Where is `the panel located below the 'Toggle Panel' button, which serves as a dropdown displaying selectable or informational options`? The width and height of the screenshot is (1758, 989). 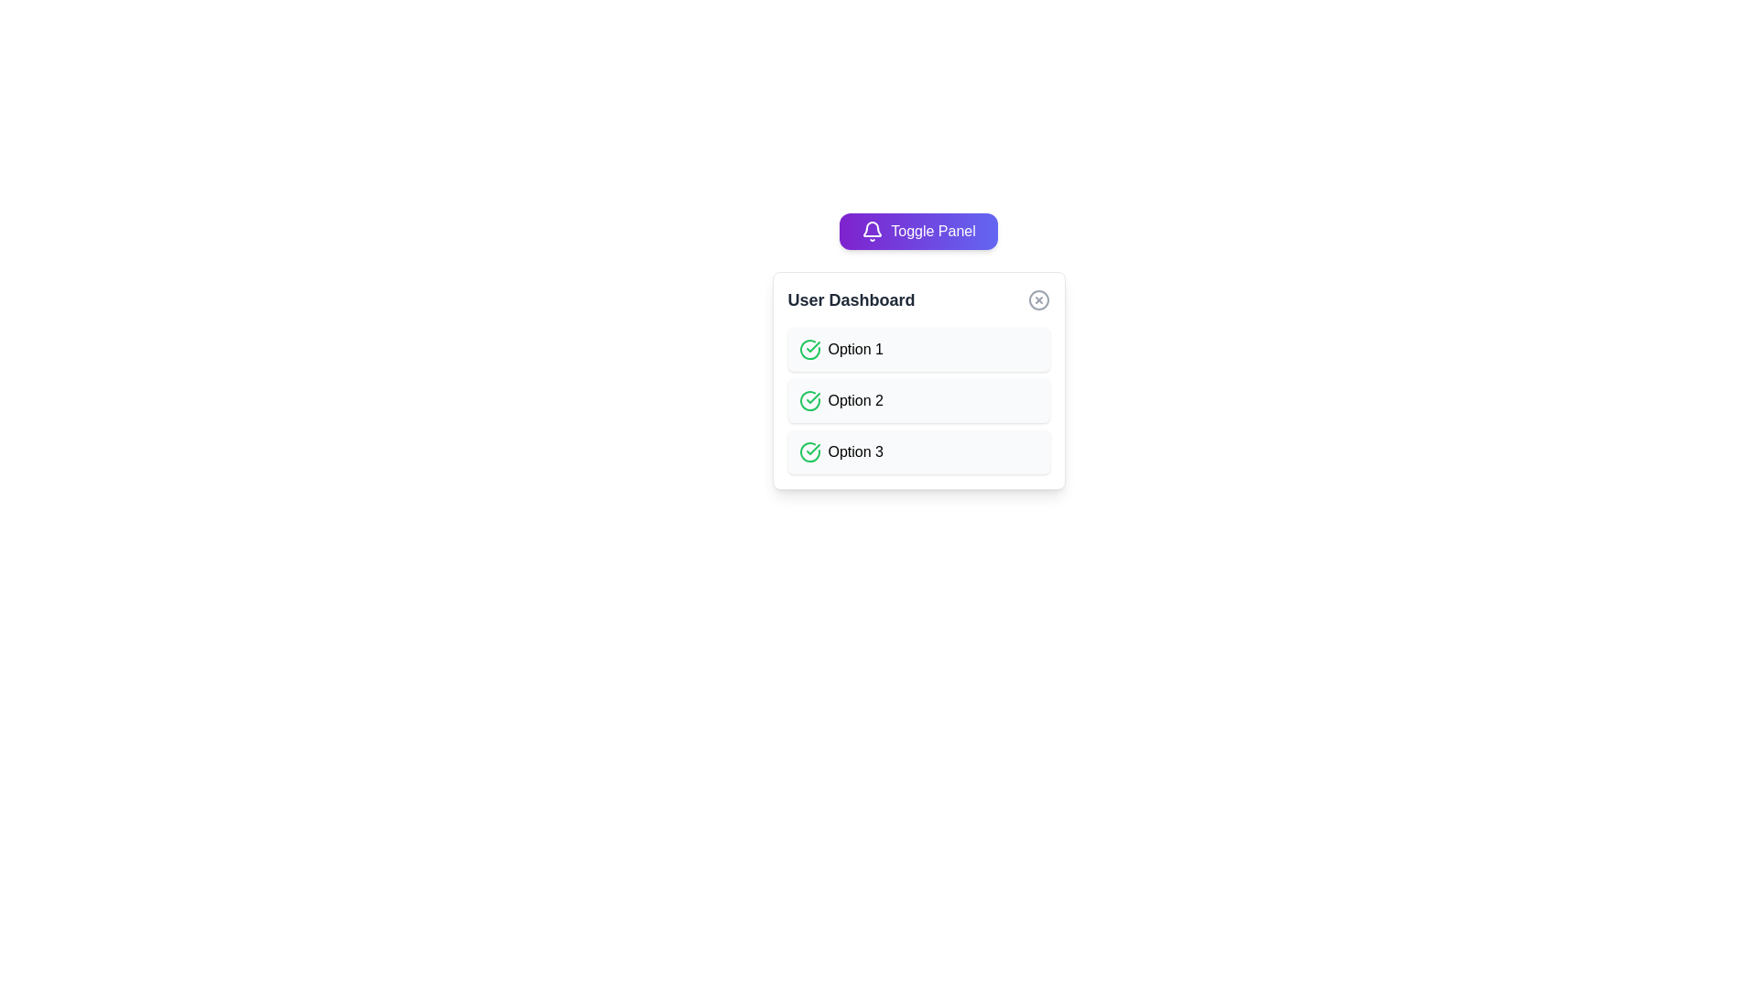 the panel located below the 'Toggle Panel' button, which serves as a dropdown displaying selectable or informational options is located at coordinates (918, 380).